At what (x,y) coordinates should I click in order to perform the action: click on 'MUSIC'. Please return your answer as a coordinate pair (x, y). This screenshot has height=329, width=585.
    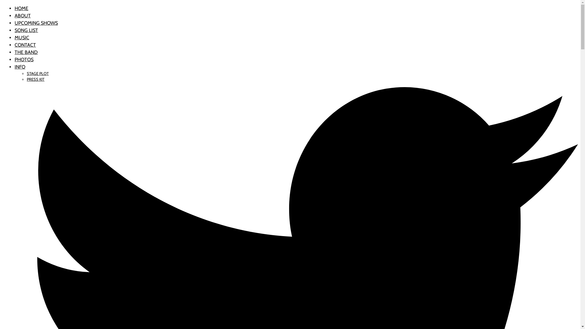
    Looking at the image, I should click on (22, 37).